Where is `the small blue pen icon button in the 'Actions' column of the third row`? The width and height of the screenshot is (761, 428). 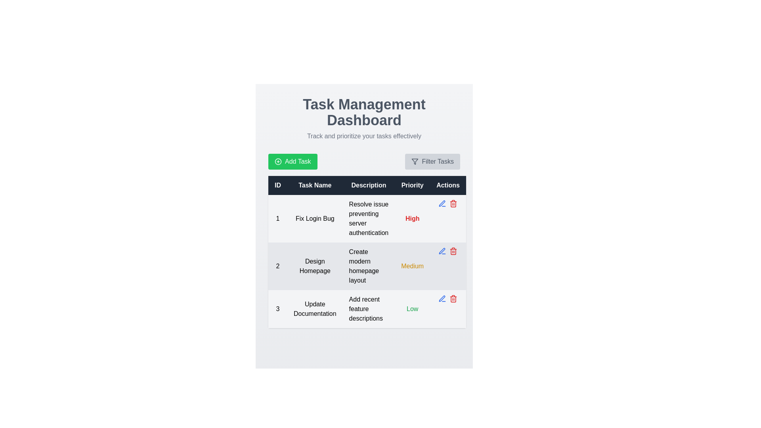 the small blue pen icon button in the 'Actions' column of the third row is located at coordinates (442, 298).